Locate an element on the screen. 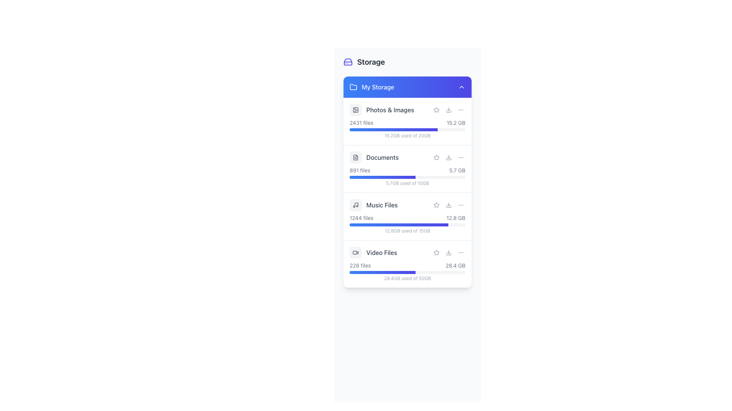 The height and width of the screenshot is (411, 732). the download button located to the right of the 'Video Files' entry is located at coordinates (448, 252).